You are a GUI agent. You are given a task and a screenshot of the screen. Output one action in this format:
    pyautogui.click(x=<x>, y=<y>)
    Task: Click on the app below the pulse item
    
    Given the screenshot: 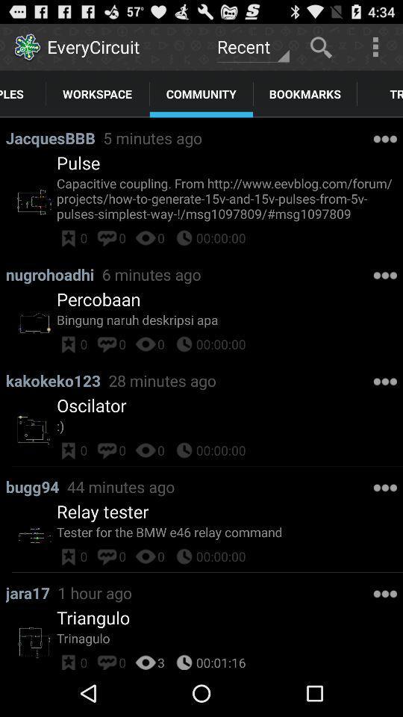 What is the action you would take?
    pyautogui.click(x=230, y=197)
    